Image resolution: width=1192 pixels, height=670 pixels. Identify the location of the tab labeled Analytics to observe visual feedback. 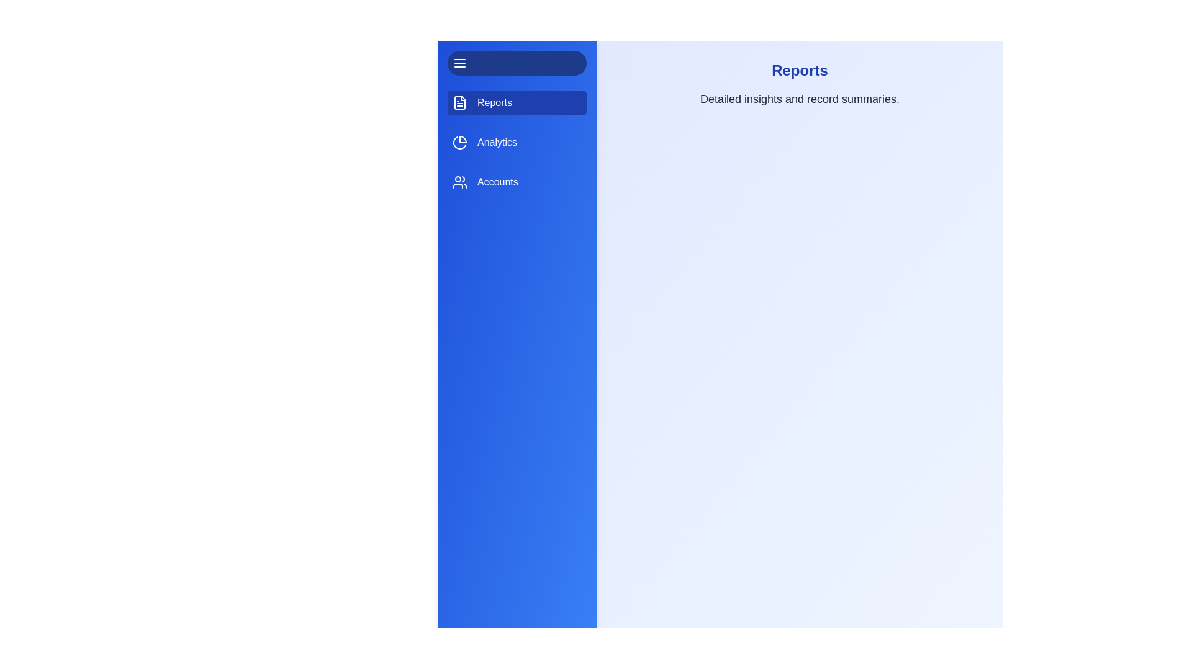
(517, 142).